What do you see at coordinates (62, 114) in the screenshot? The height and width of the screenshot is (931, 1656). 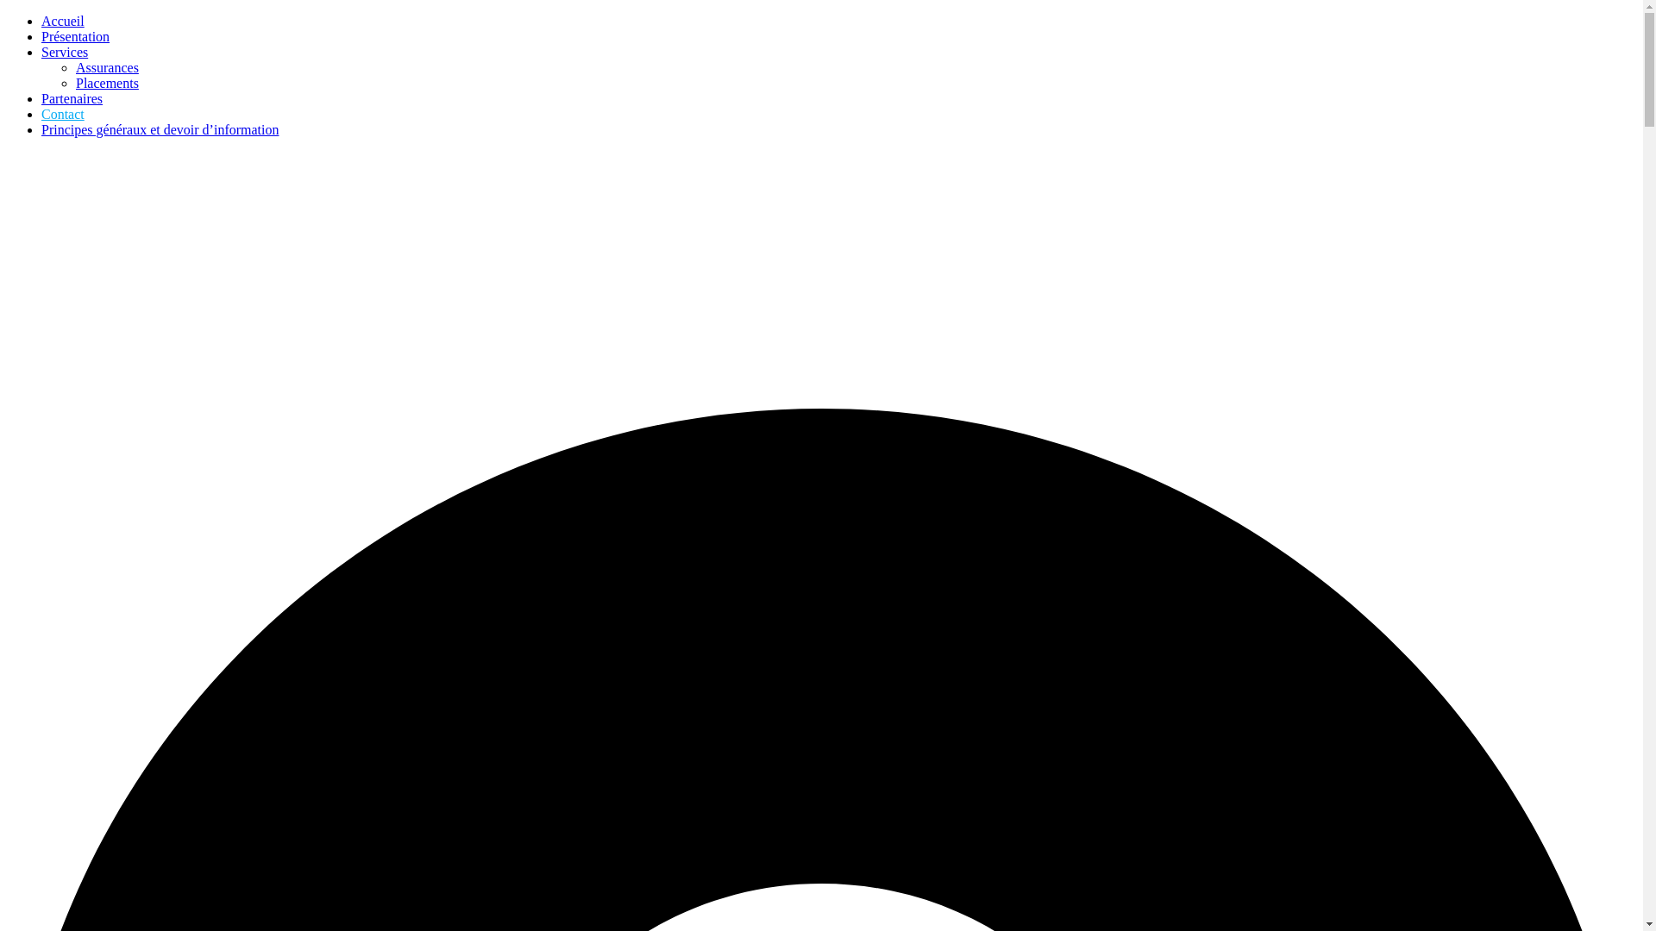 I see `'Contact'` at bounding box center [62, 114].